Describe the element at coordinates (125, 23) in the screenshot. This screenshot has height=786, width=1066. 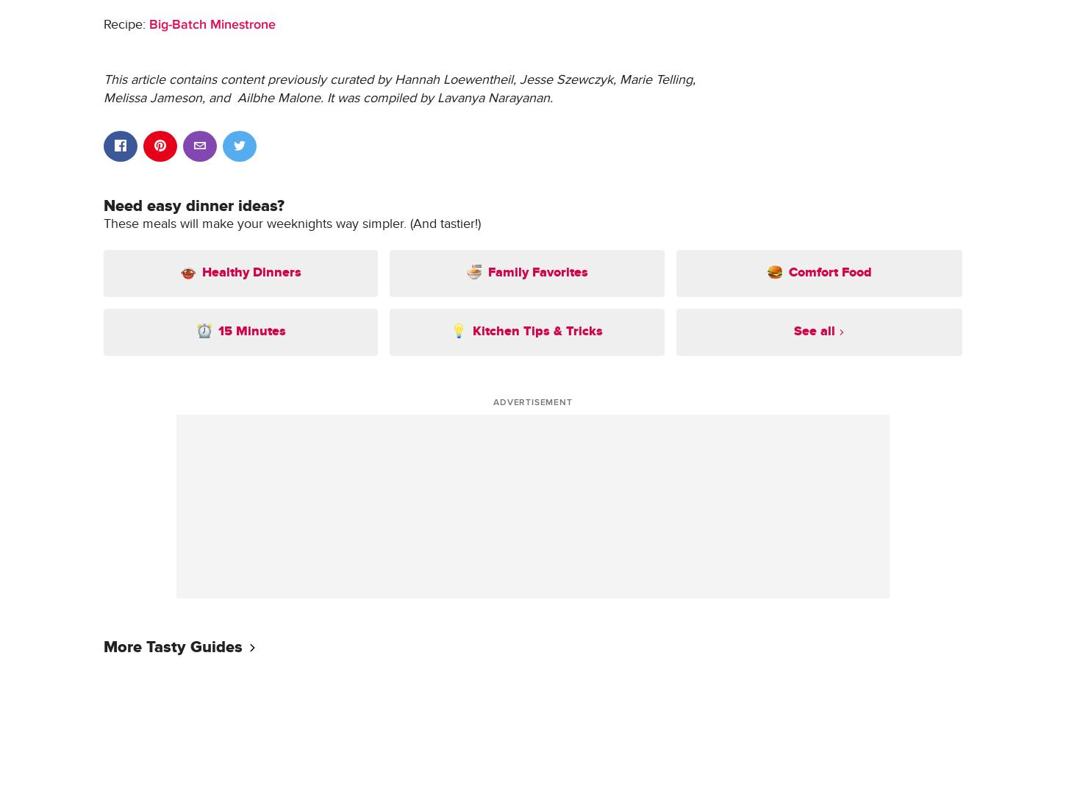
I see `'Recipe:'` at that location.